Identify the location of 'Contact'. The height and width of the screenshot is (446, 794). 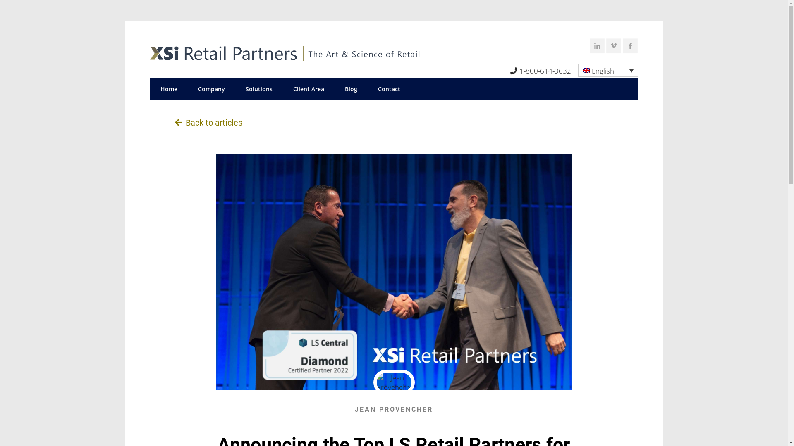
(388, 89).